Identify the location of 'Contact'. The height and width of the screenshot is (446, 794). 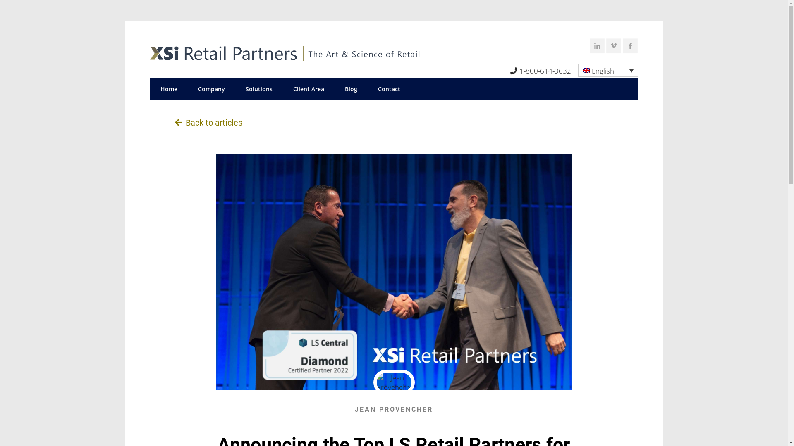
(388, 89).